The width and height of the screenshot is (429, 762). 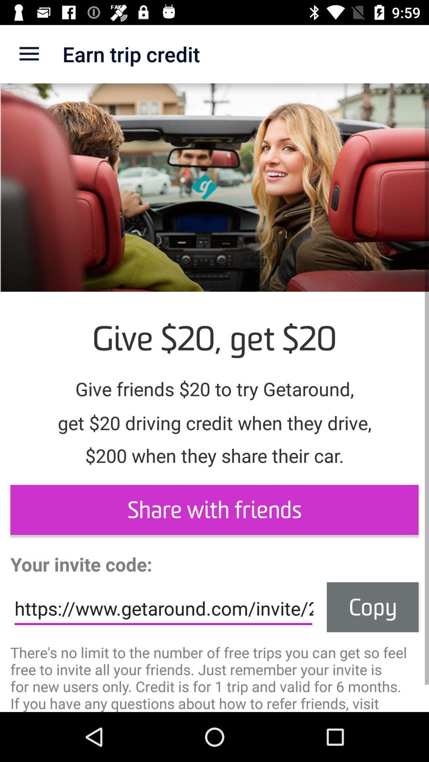 What do you see at coordinates (29, 54) in the screenshot?
I see `the app next to the earn trip credit item` at bounding box center [29, 54].